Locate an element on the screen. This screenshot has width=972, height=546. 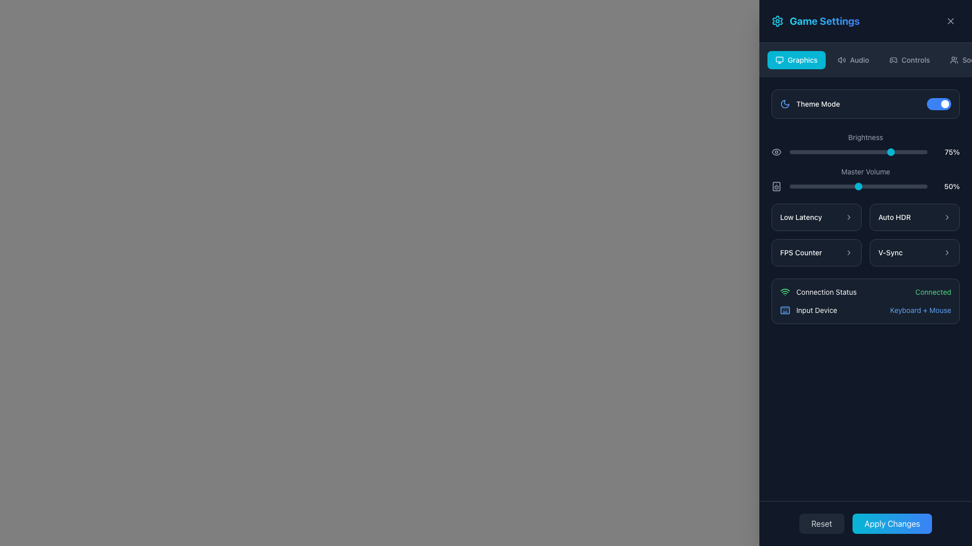
'Low Latency' setting label located at the first position in the settings panel under the 'Graphics' tab is located at coordinates (816, 216).